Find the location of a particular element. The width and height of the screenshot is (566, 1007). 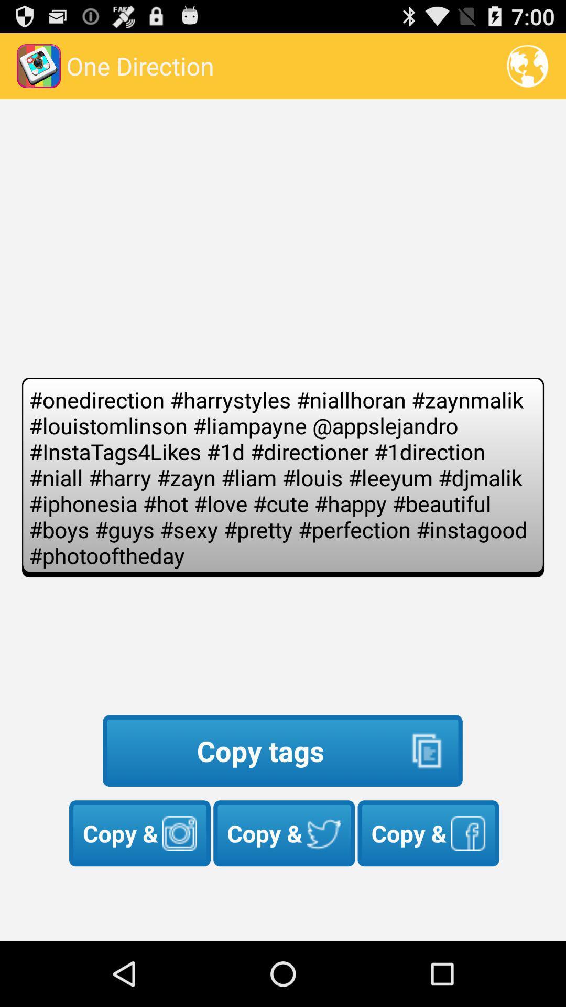

the icon at the top right corner is located at coordinates (527, 65).